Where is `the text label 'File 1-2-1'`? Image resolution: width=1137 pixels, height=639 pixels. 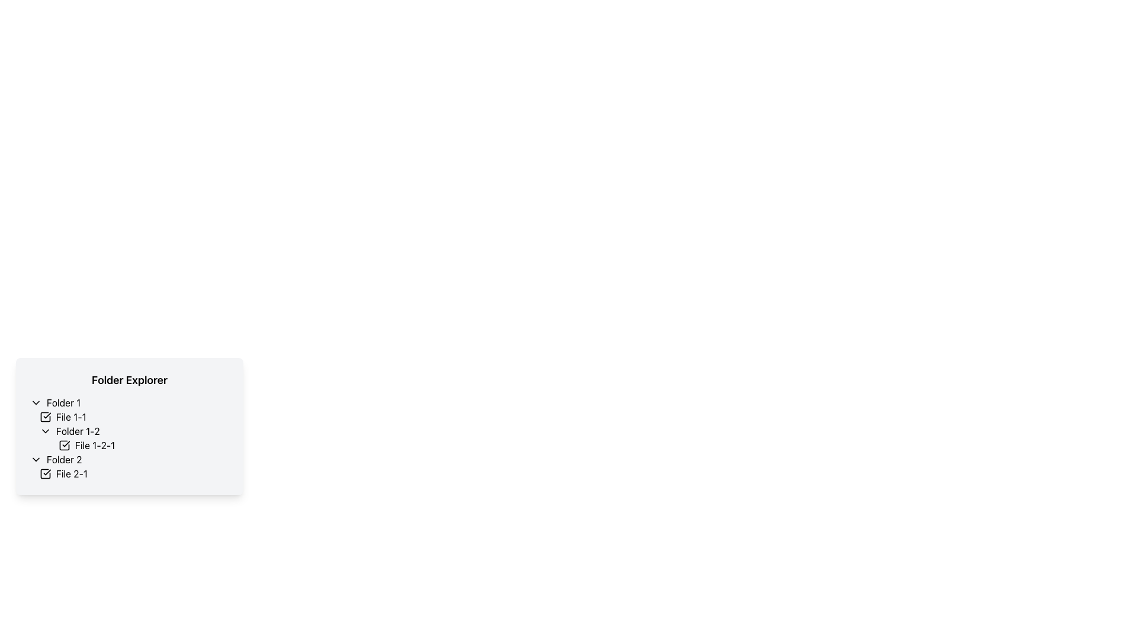 the text label 'File 1-2-1' is located at coordinates (95, 445).